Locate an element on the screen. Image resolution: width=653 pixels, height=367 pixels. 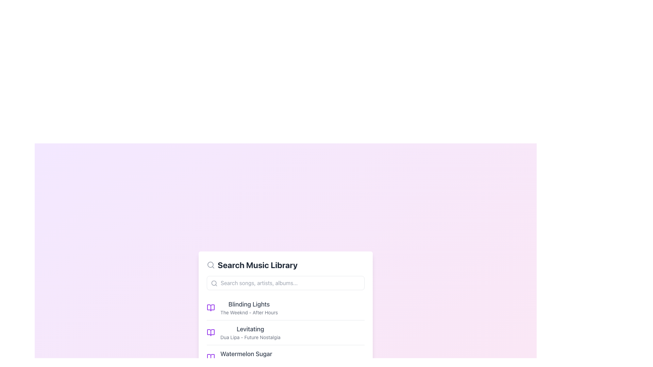
to select the music track 'Blinding Lights' by 'The Weeknd', which is the first item in the list under the 'Search Music Library' section is located at coordinates (286, 308).